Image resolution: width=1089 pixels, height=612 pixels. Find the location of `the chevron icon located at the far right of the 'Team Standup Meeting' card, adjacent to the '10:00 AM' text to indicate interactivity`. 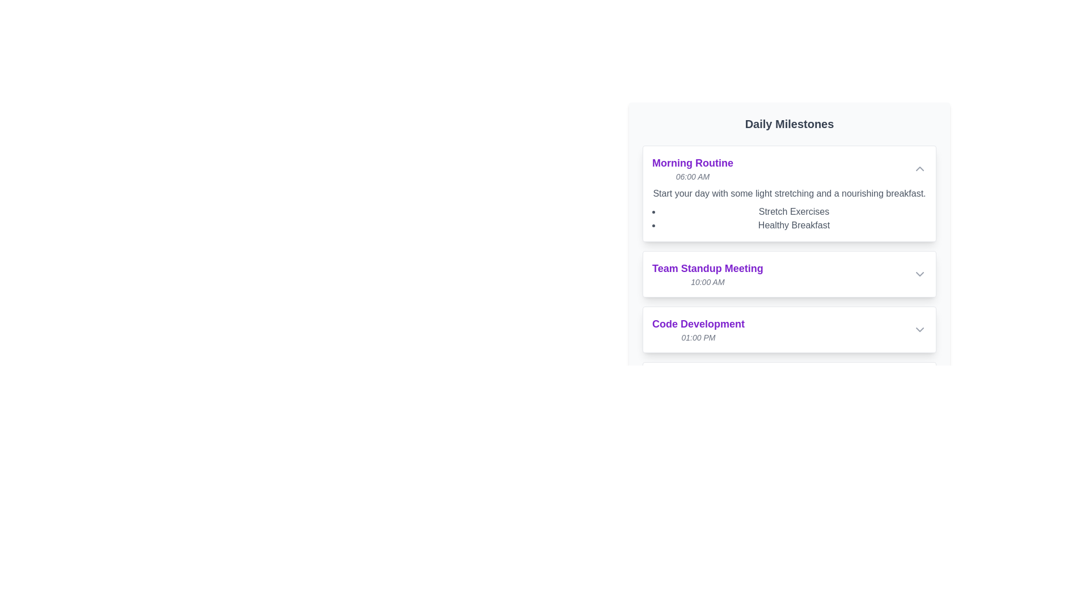

the chevron icon located at the far right of the 'Team Standup Meeting' card, adjacent to the '10:00 AM' text to indicate interactivity is located at coordinates (920, 274).